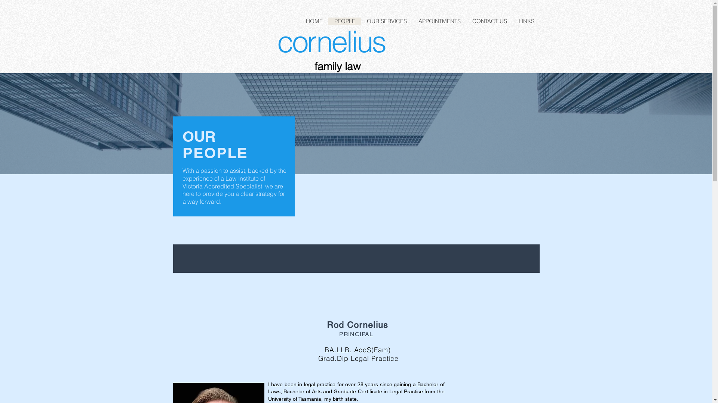  What do you see at coordinates (489, 21) in the screenshot?
I see `'CONTACT US'` at bounding box center [489, 21].